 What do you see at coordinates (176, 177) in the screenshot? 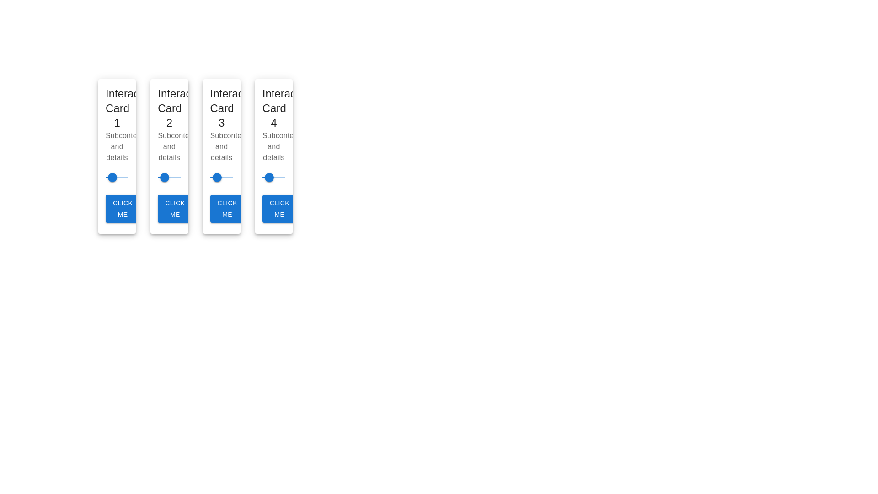
I see `the slider` at bounding box center [176, 177].